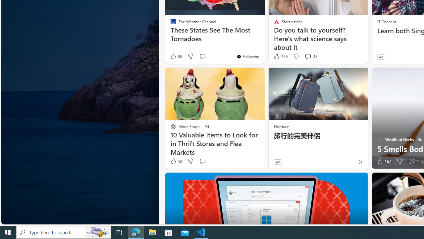 The height and width of the screenshot is (239, 424). What do you see at coordinates (399, 161) in the screenshot?
I see `'Dislike'` at bounding box center [399, 161].